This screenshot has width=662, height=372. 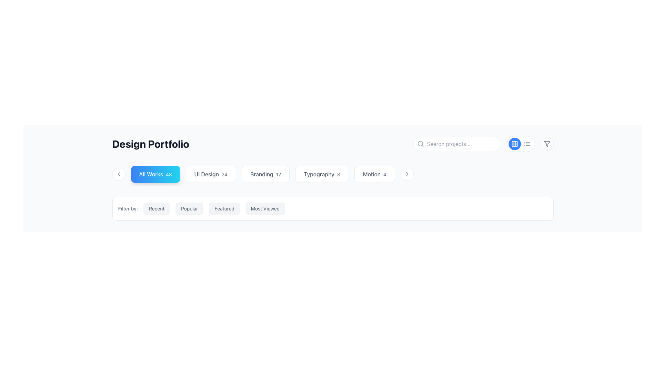 I want to click on the 'All Works 48' button, which is a rectangular button with rounded corners and a gradient background, to filter by all works, so click(x=155, y=174).